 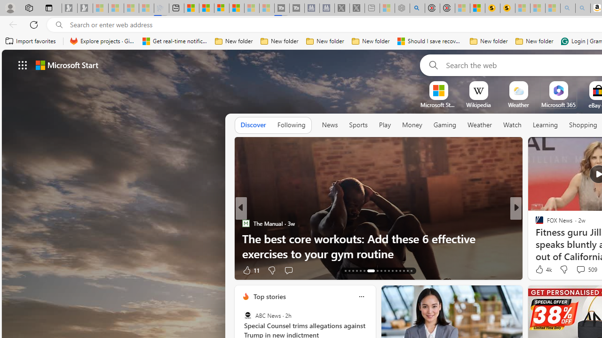 What do you see at coordinates (583, 124) in the screenshot?
I see `'Shopping'` at bounding box center [583, 124].